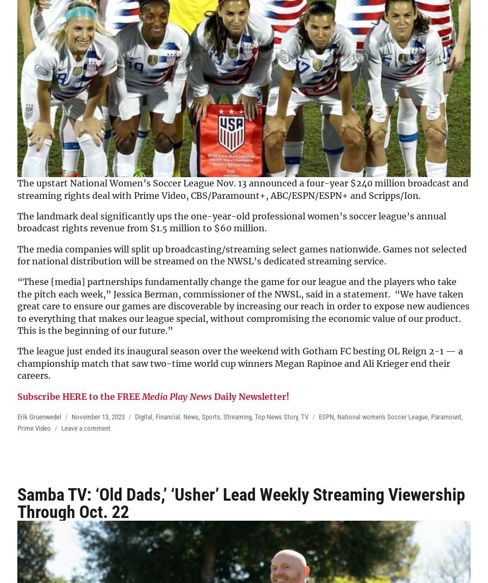 This screenshot has height=583, width=488. I want to click on 'Media Play News', so click(176, 396).